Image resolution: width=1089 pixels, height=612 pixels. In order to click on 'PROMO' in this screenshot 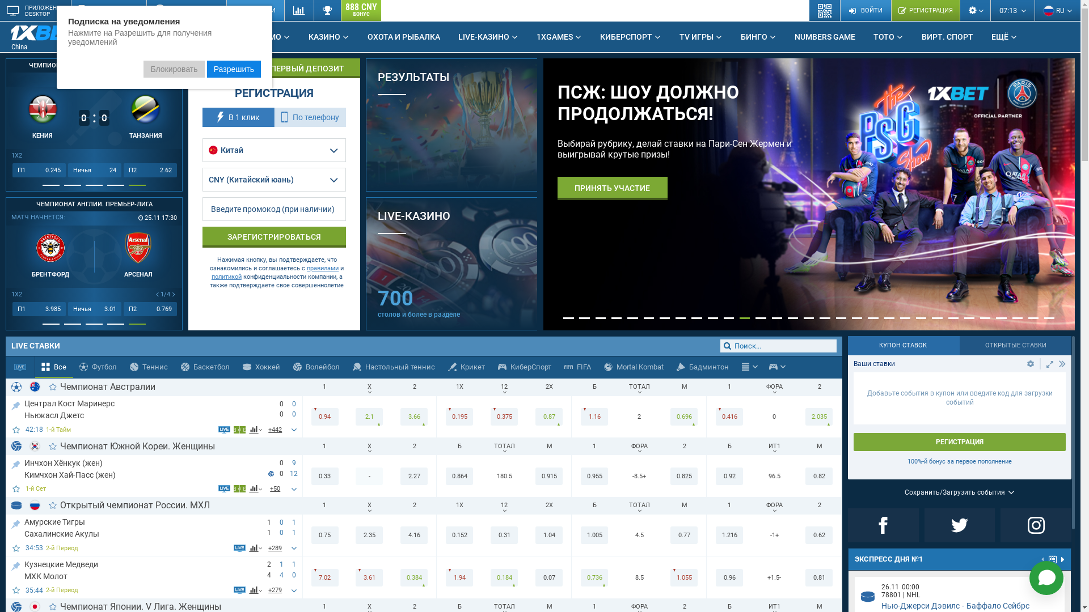, I will do `click(271, 36)`.